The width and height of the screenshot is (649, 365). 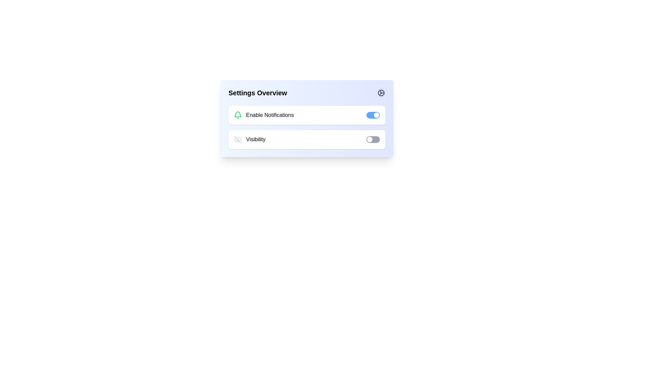 What do you see at coordinates (373, 139) in the screenshot?
I see `the second toggle switch in the settings, which controls the visibility setting and is located below the 'Enable Notifications' toggle` at bounding box center [373, 139].